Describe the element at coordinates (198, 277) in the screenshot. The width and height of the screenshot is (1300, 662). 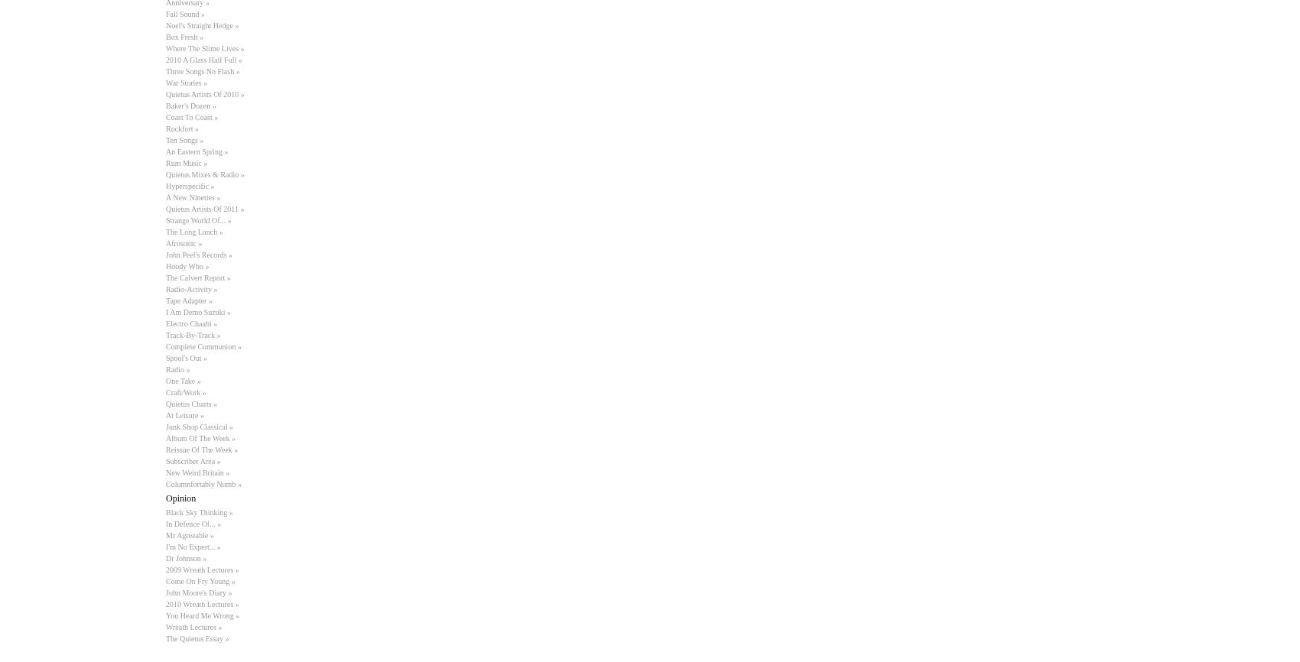
I see `'The Calvert Report »'` at that location.